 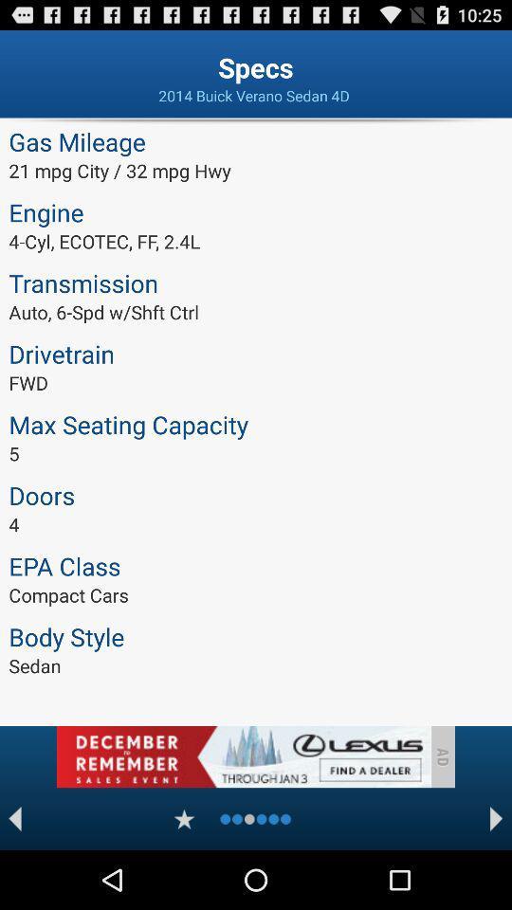 What do you see at coordinates (496, 818) in the screenshot?
I see `next page` at bounding box center [496, 818].